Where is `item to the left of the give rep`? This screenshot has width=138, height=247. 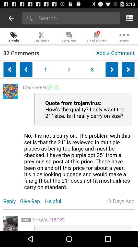
item to the left of the give rep is located at coordinates (11, 201).